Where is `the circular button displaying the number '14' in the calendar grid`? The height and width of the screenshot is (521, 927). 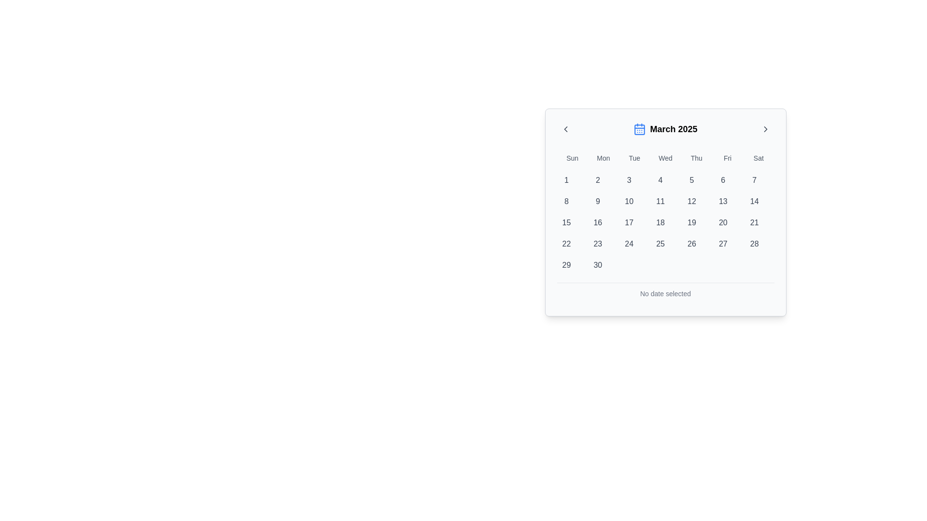
the circular button displaying the number '14' in the calendar grid is located at coordinates (754, 201).